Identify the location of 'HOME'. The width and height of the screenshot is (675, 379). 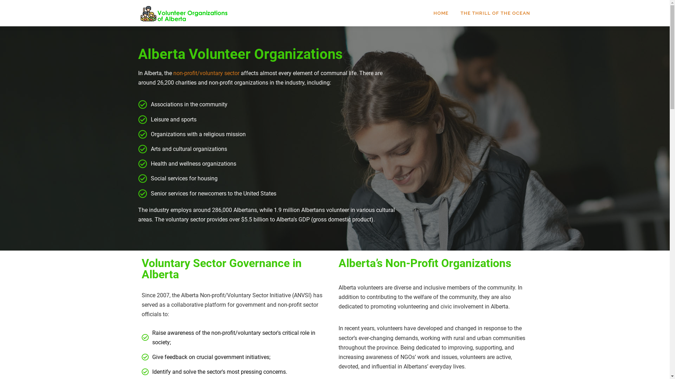
(441, 13).